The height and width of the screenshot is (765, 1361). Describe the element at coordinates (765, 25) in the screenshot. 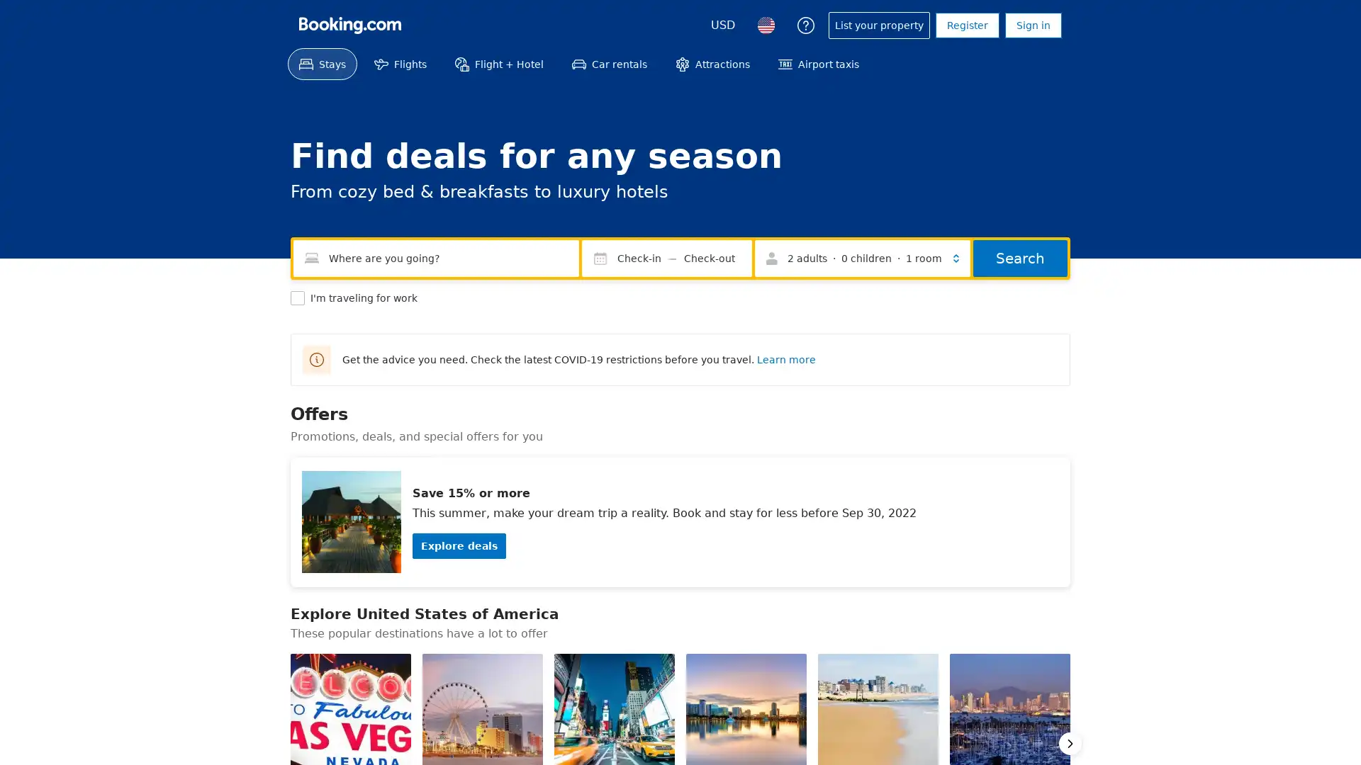

I see `Choose your language. Your current language is English (US)` at that location.